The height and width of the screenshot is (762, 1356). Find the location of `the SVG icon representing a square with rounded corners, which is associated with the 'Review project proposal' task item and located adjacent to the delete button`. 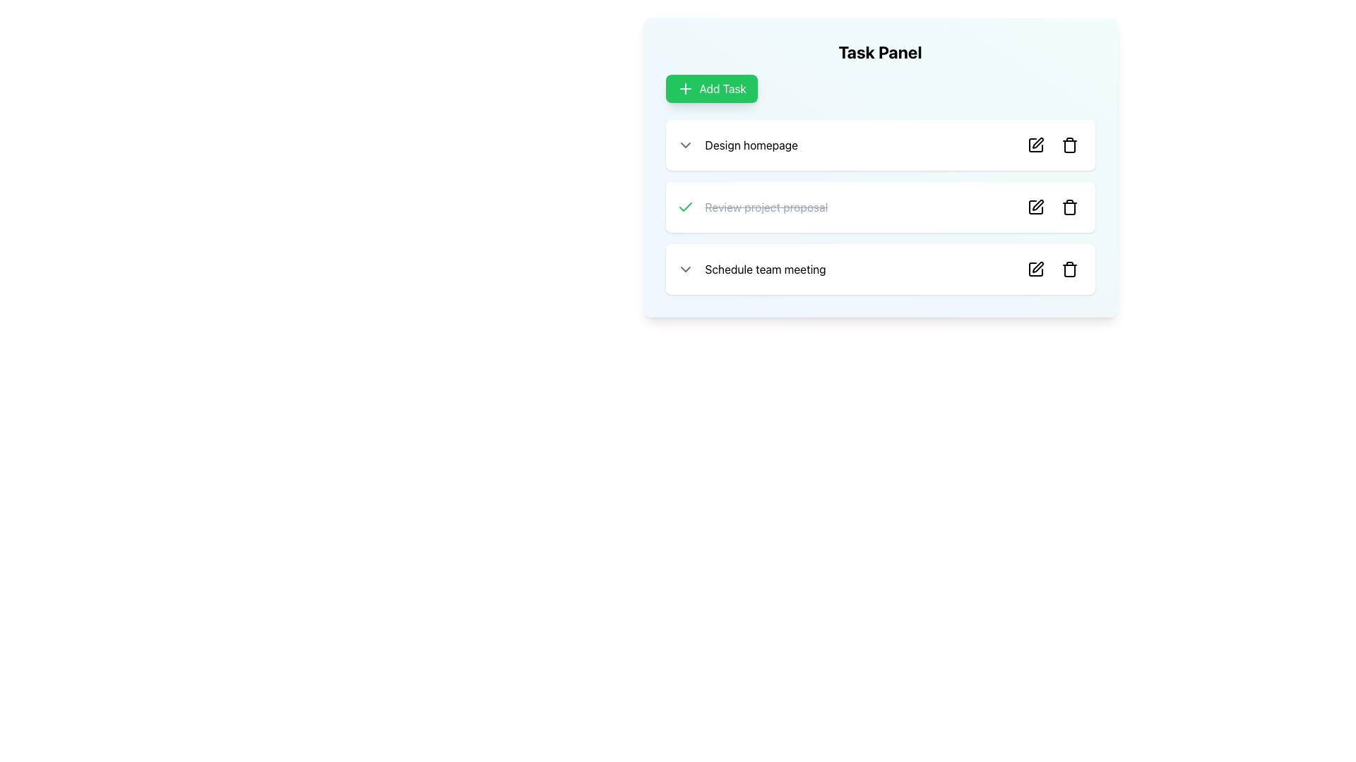

the SVG icon representing a square with rounded corners, which is associated with the 'Review project proposal' task item and located adjacent to the delete button is located at coordinates (1035, 207).